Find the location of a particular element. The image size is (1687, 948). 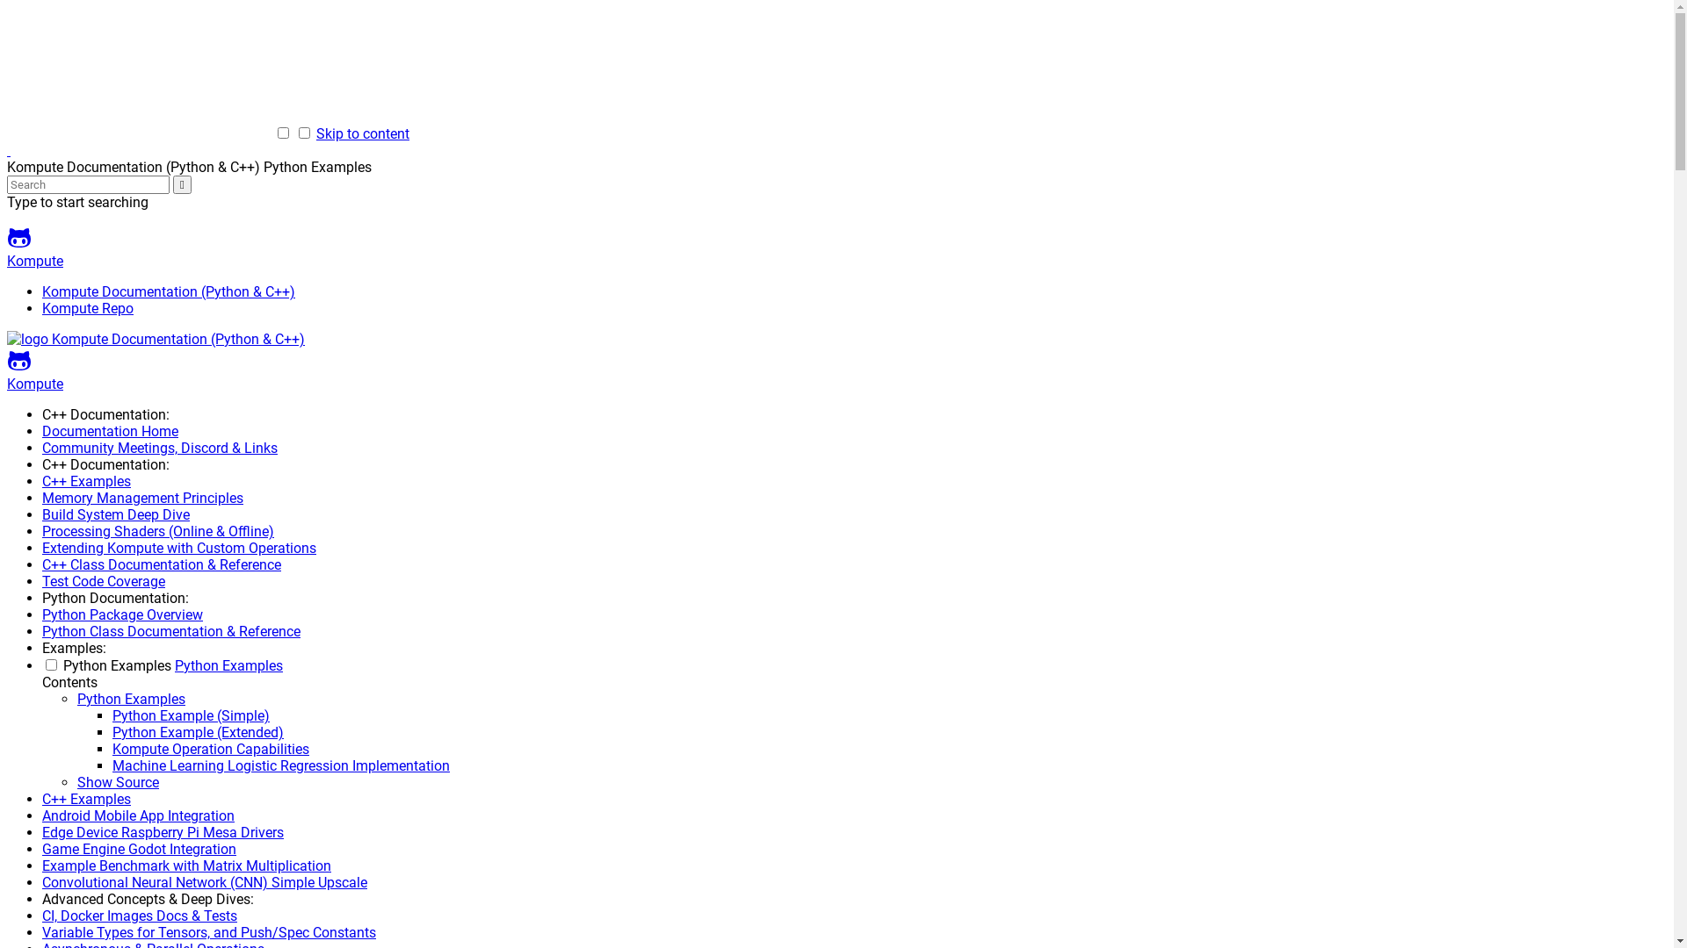

'Edge Device Raspberry Pi Mesa Drivers' is located at coordinates (163, 831).